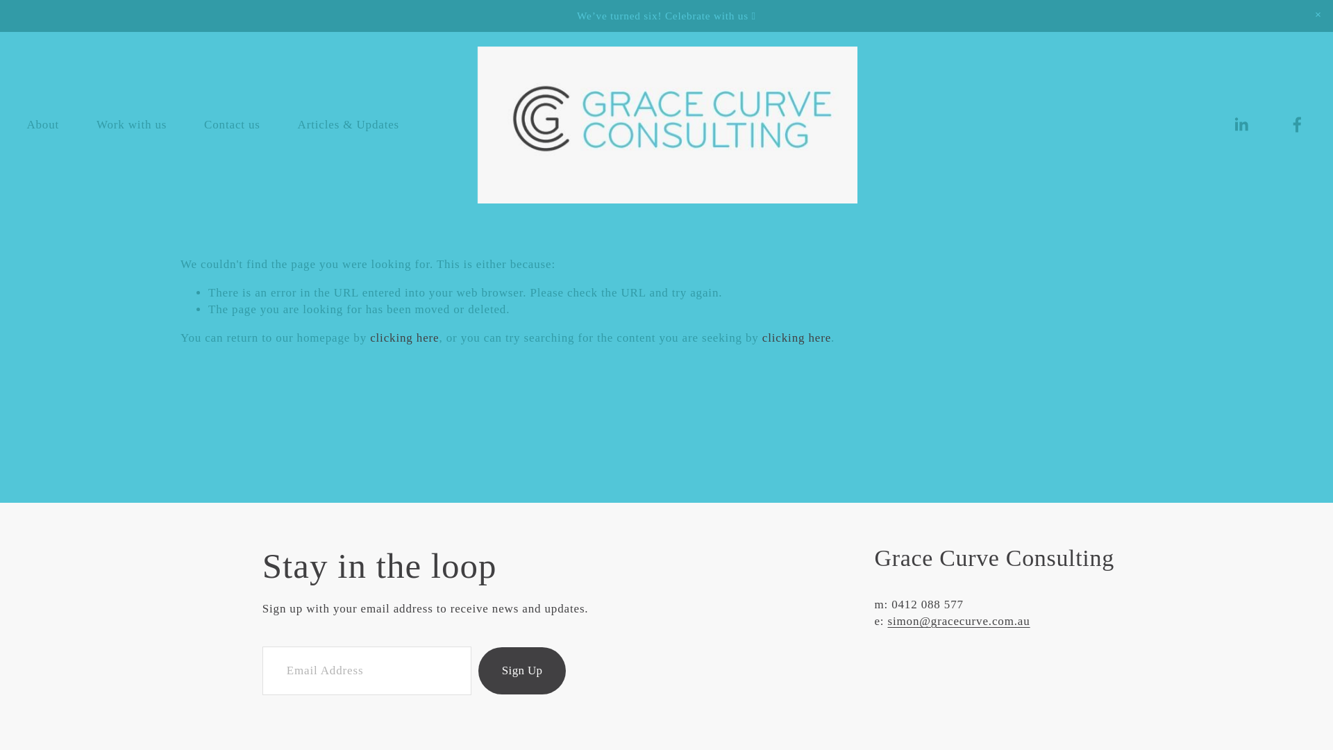  What do you see at coordinates (232, 124) in the screenshot?
I see `'Contact us'` at bounding box center [232, 124].